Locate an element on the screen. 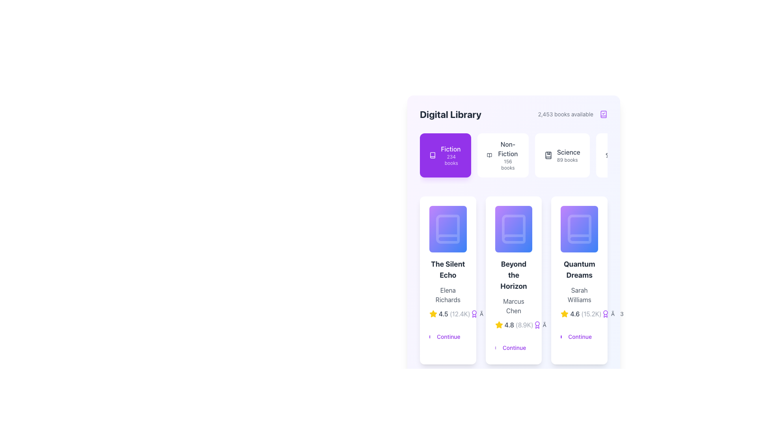  the text label displaying the number of books in the 'Non-Fiction' category, which is positioned under the heading 'Non-Fiction' in a horizontal list of book categories is located at coordinates (508, 164).